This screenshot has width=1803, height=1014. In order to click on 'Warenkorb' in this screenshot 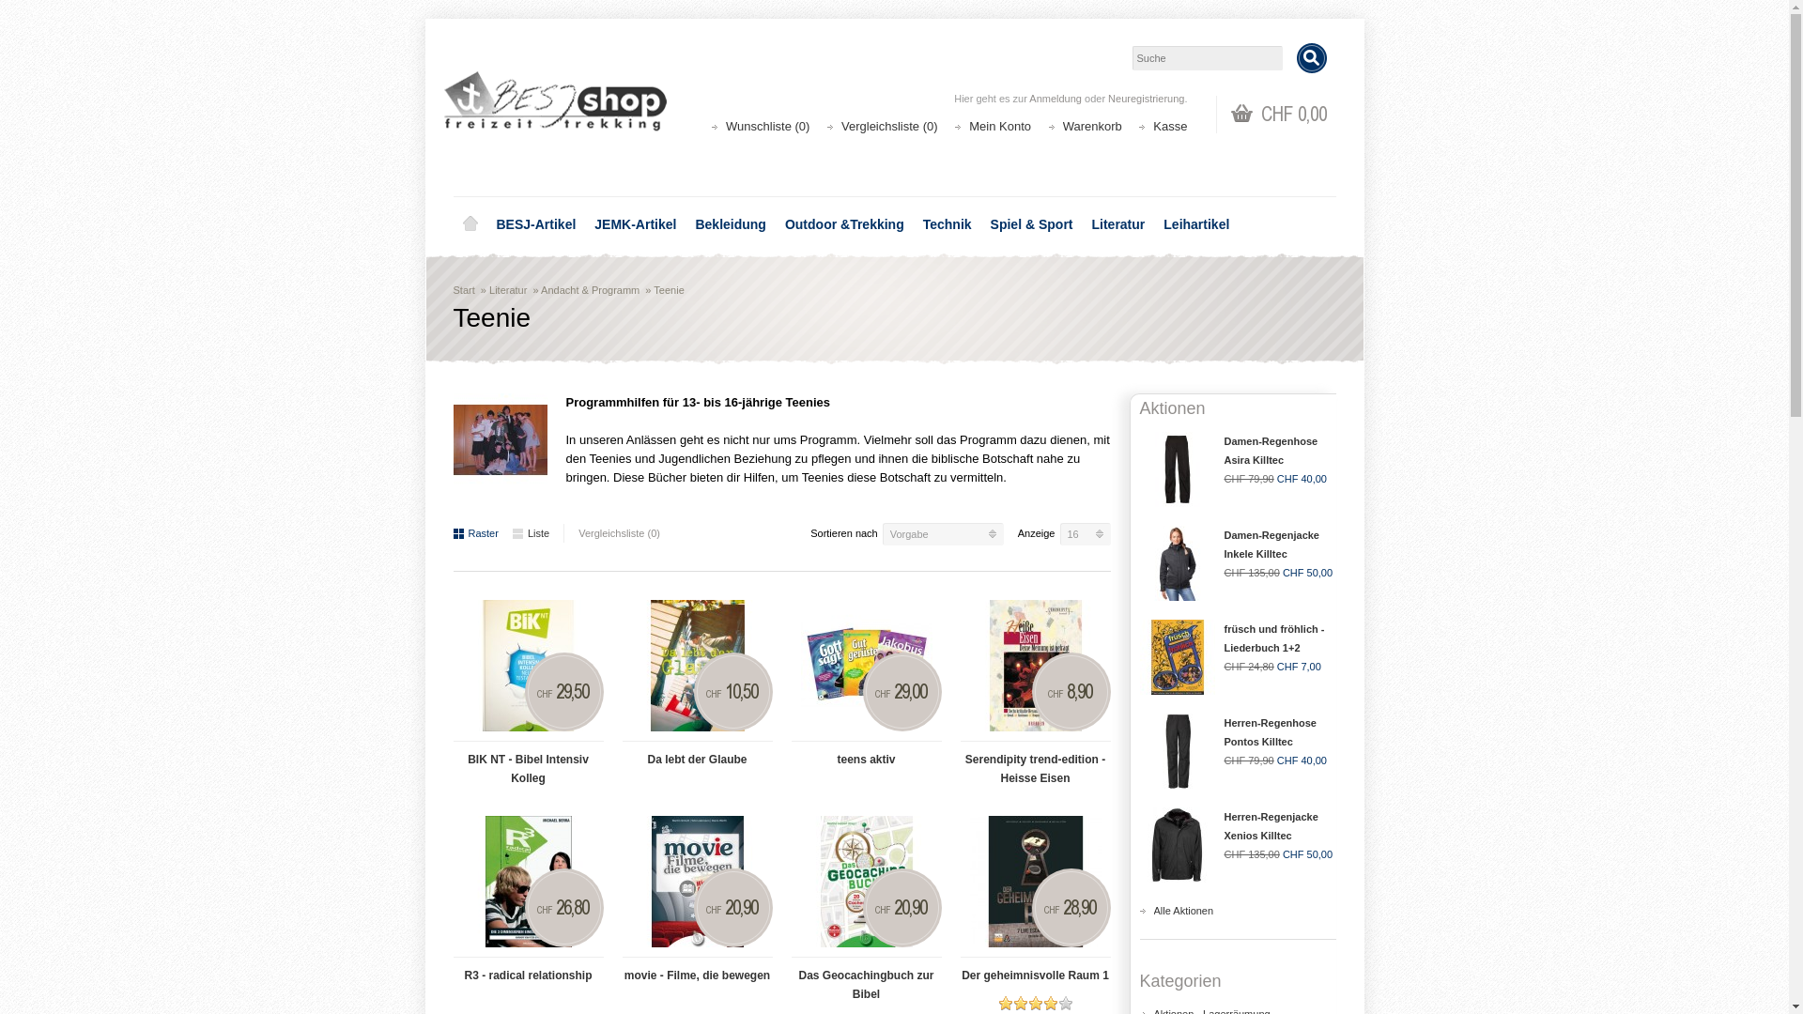, I will do `click(1092, 126)`.